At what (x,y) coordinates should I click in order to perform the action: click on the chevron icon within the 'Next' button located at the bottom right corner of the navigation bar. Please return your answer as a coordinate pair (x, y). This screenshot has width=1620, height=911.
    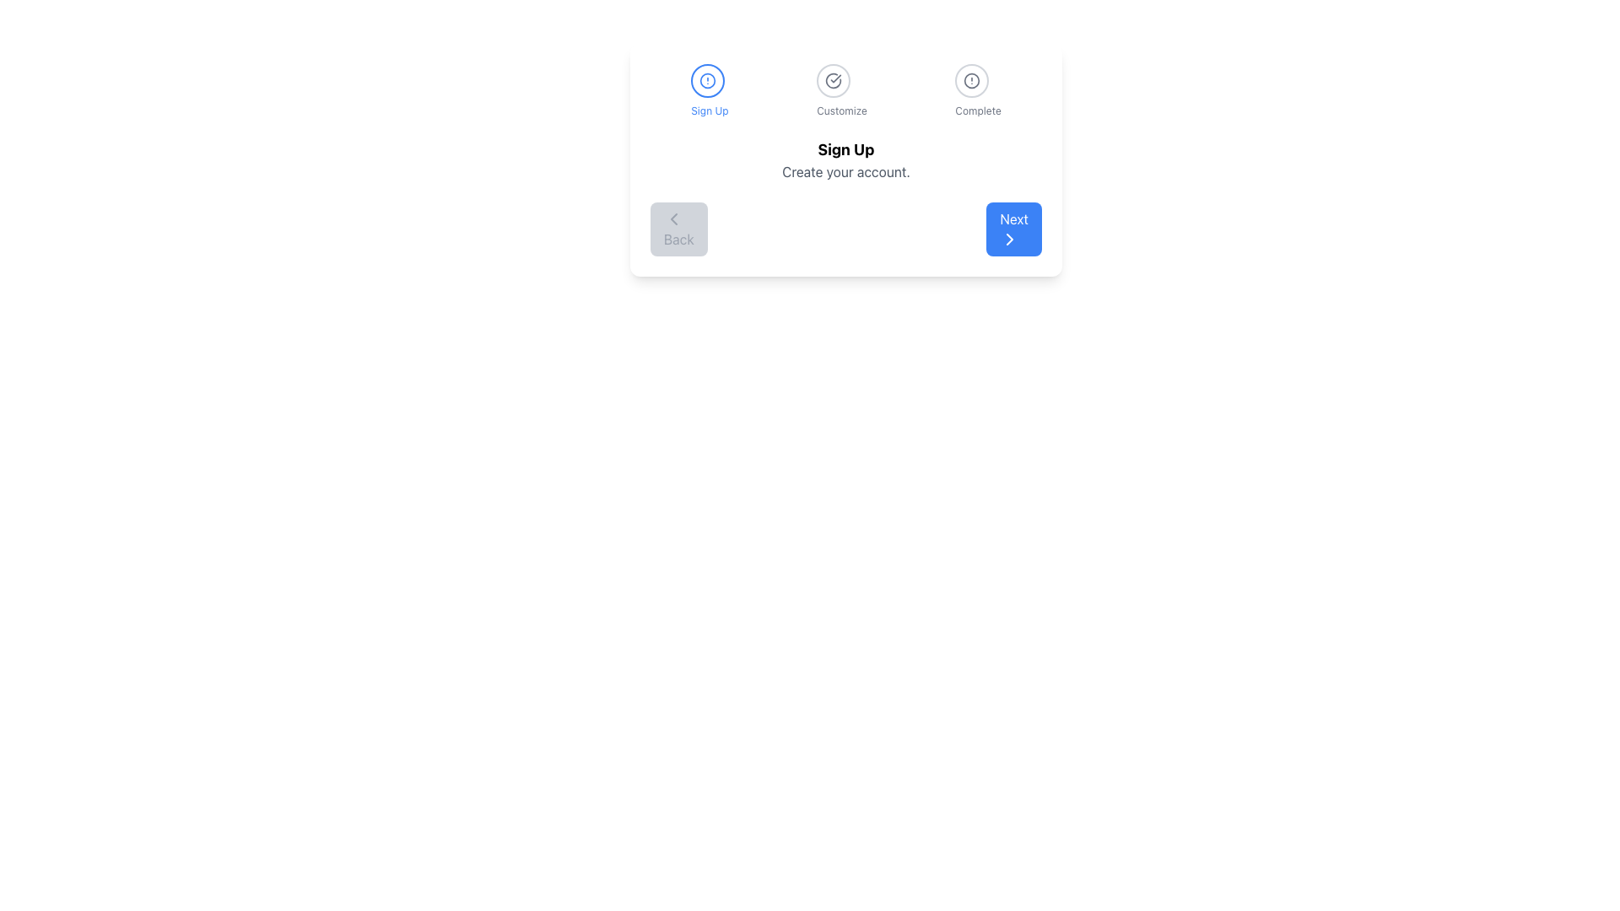
    Looking at the image, I should click on (1010, 240).